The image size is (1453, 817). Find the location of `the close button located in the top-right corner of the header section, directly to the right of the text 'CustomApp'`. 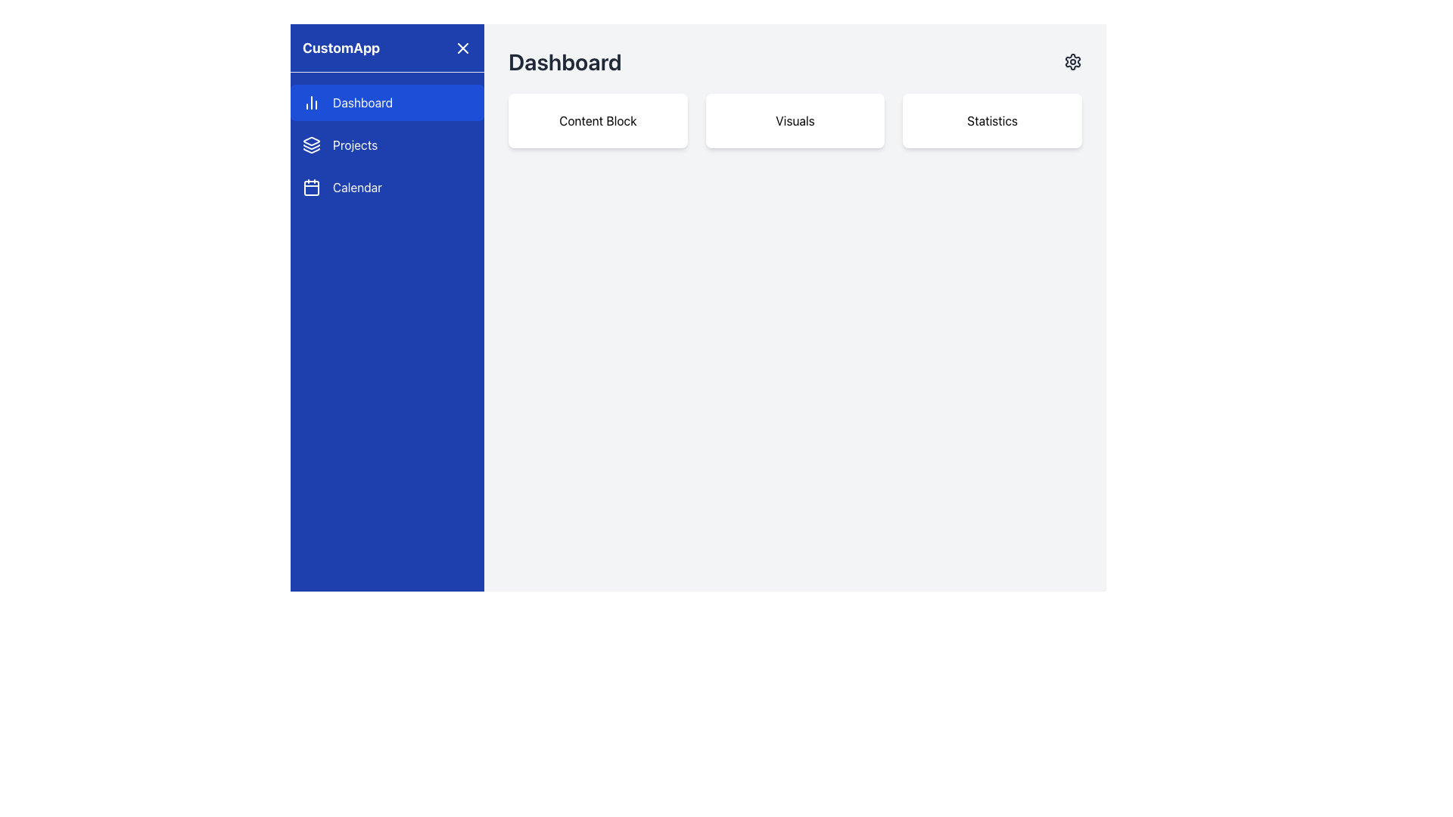

the close button located in the top-right corner of the header section, directly to the right of the text 'CustomApp' is located at coordinates (462, 47).